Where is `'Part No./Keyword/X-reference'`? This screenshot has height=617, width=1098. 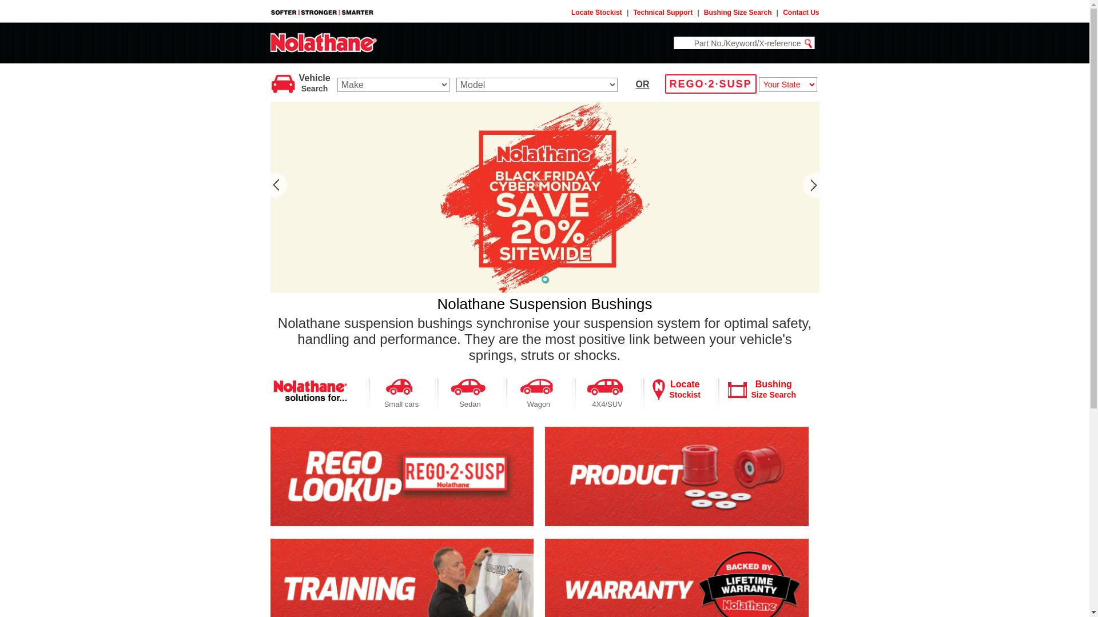
'Part No./Keyword/X-reference' is located at coordinates (738, 42).